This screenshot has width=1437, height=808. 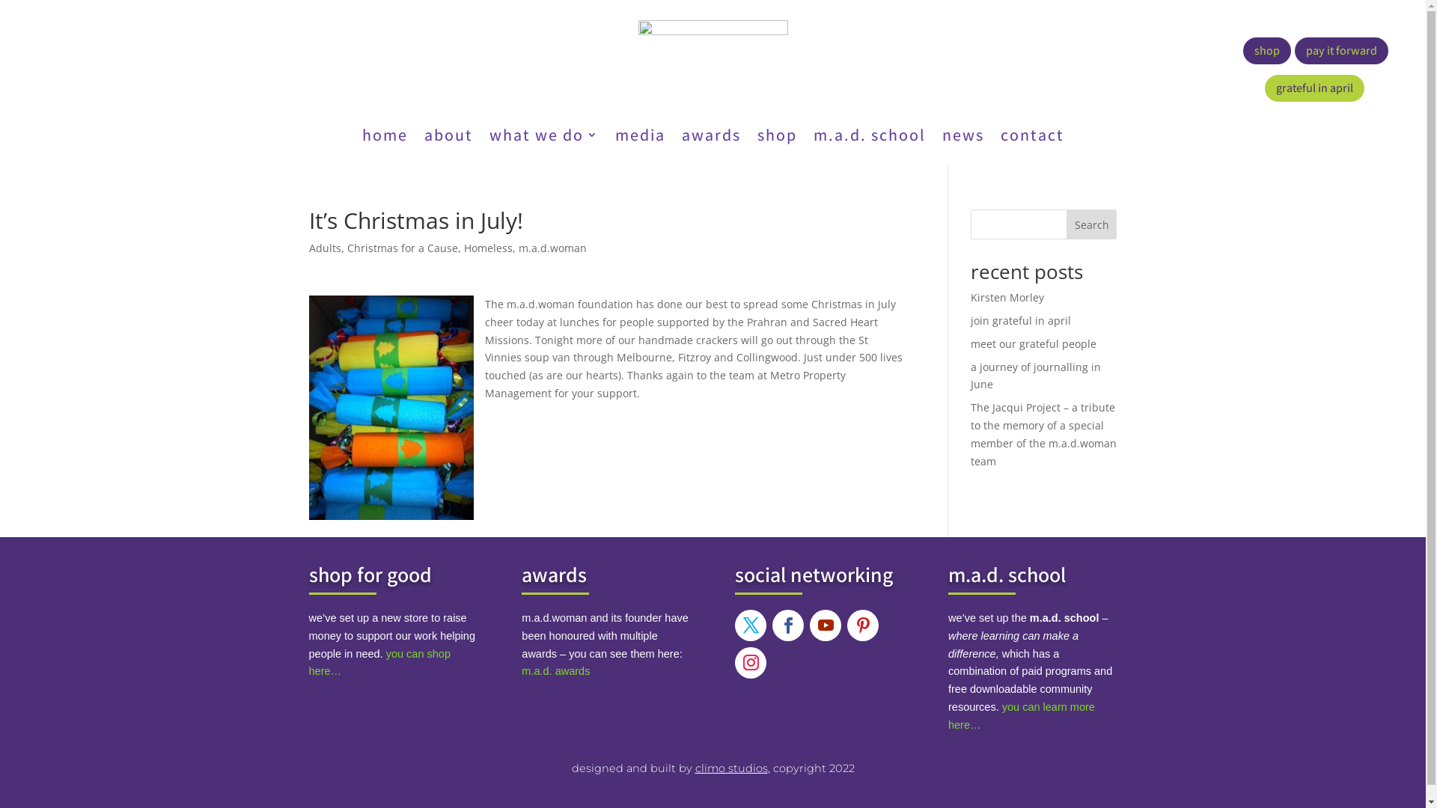 What do you see at coordinates (735, 625) in the screenshot?
I see `'Follow on X'` at bounding box center [735, 625].